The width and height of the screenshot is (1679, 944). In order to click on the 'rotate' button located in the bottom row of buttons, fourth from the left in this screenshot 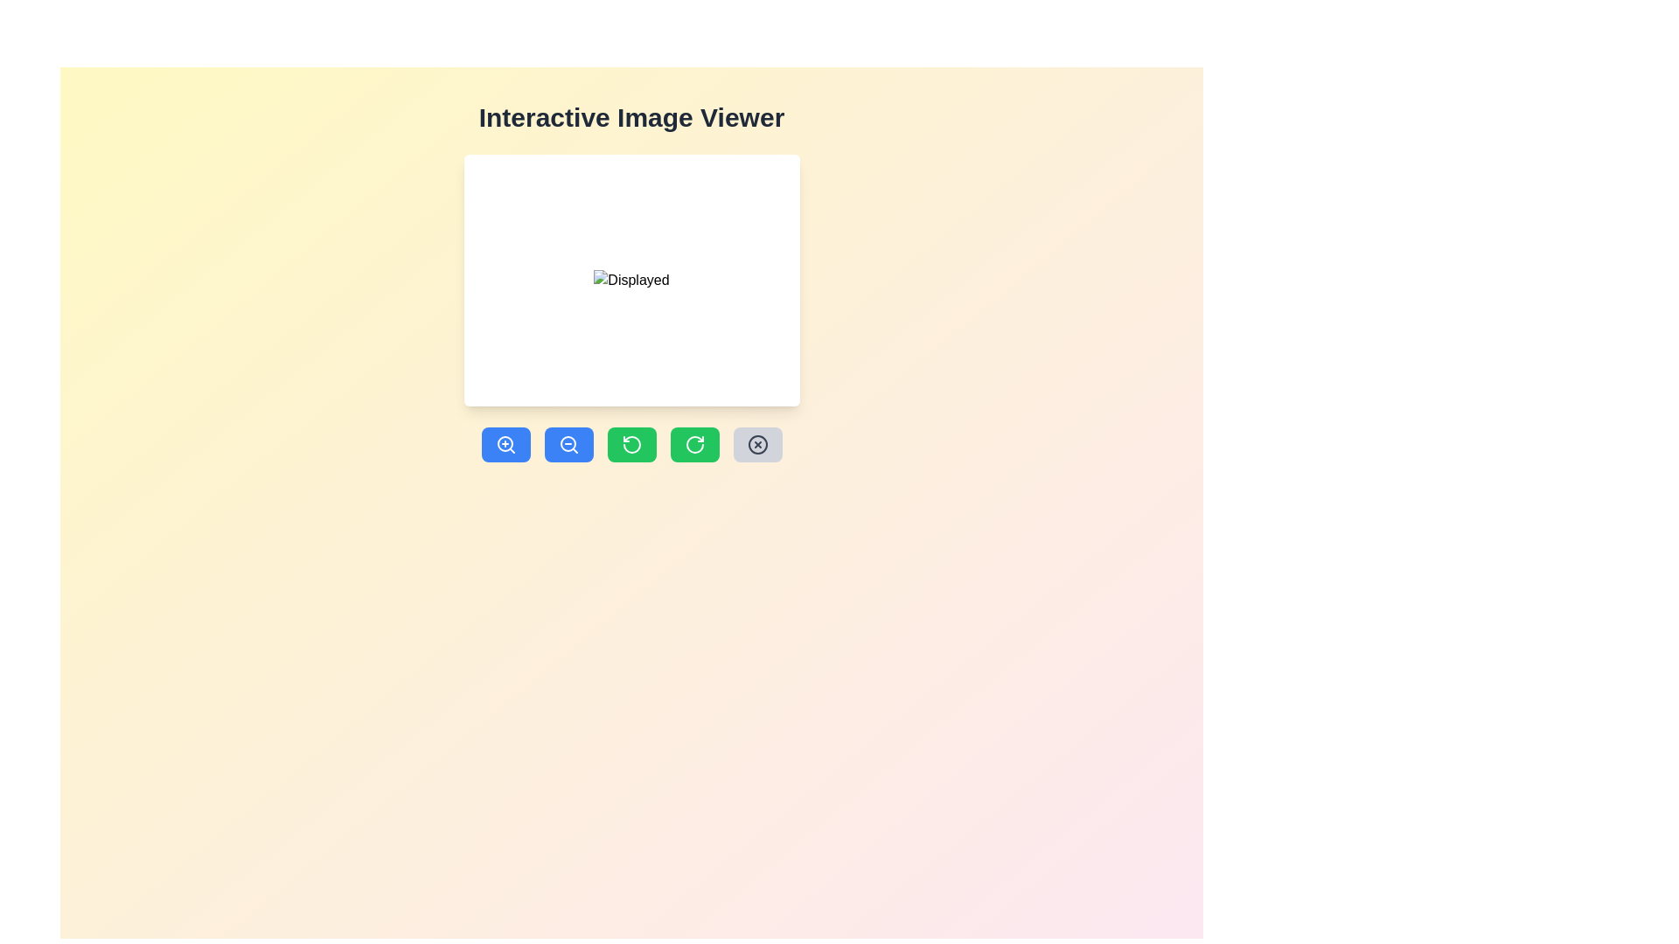, I will do `click(693, 444)`.